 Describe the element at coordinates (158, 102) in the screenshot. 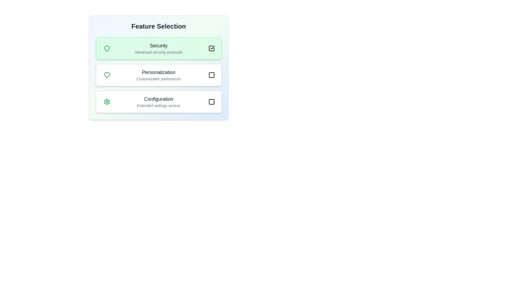

I see `the informative label titled 'Configuration' that describes 'Extended settings access', located beneath 'Security' and 'Personalization' as the third item in the vertical list` at that location.